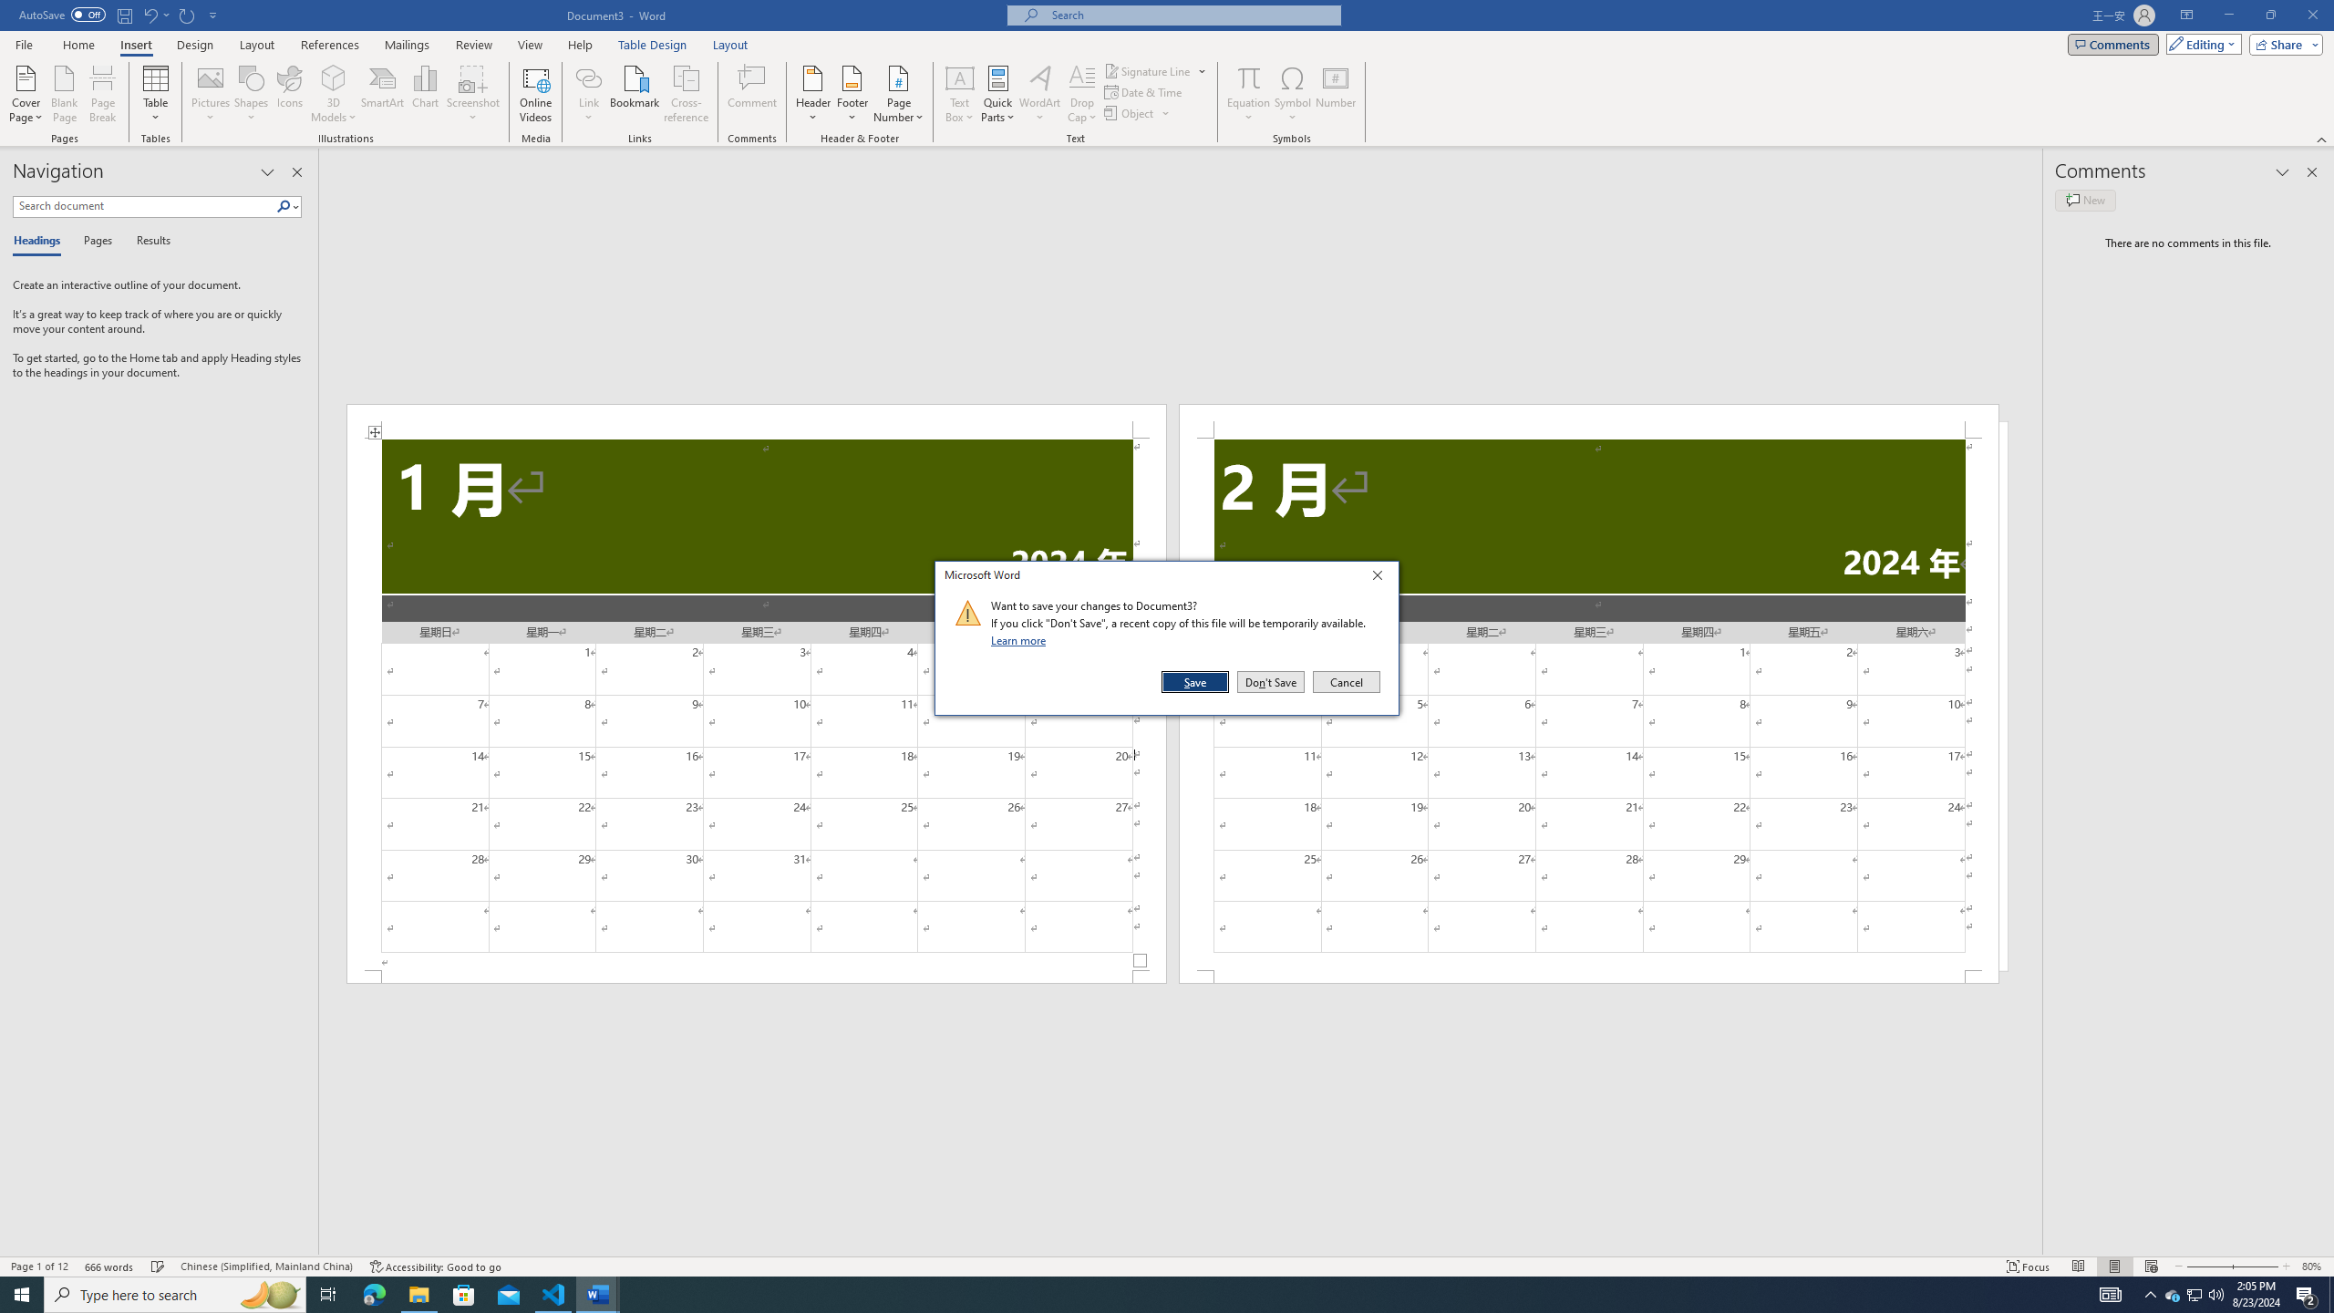 Image resolution: width=2334 pixels, height=1313 pixels. Describe the element at coordinates (1155, 70) in the screenshot. I see `'Signature Line'` at that location.